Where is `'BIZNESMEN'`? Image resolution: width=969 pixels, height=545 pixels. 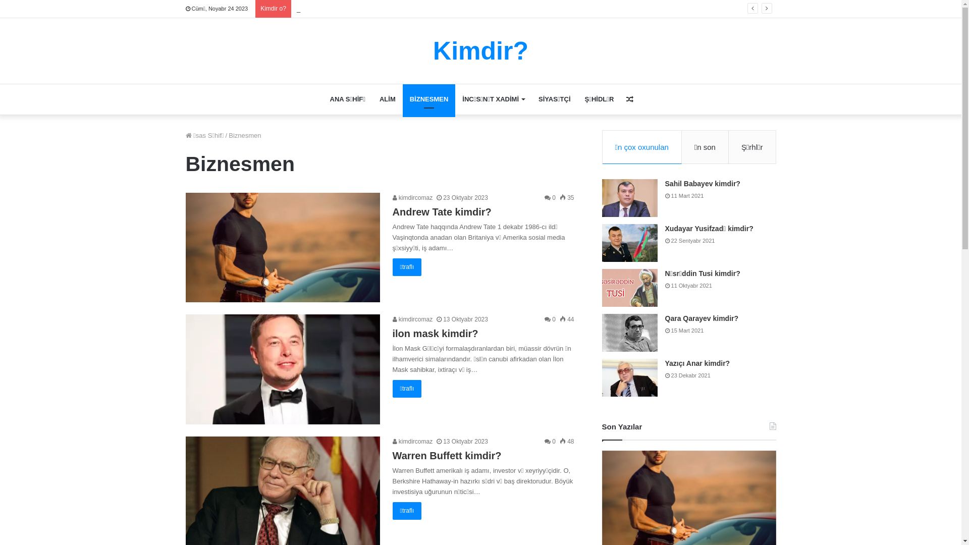 'BIZNESMEN' is located at coordinates (429, 99).